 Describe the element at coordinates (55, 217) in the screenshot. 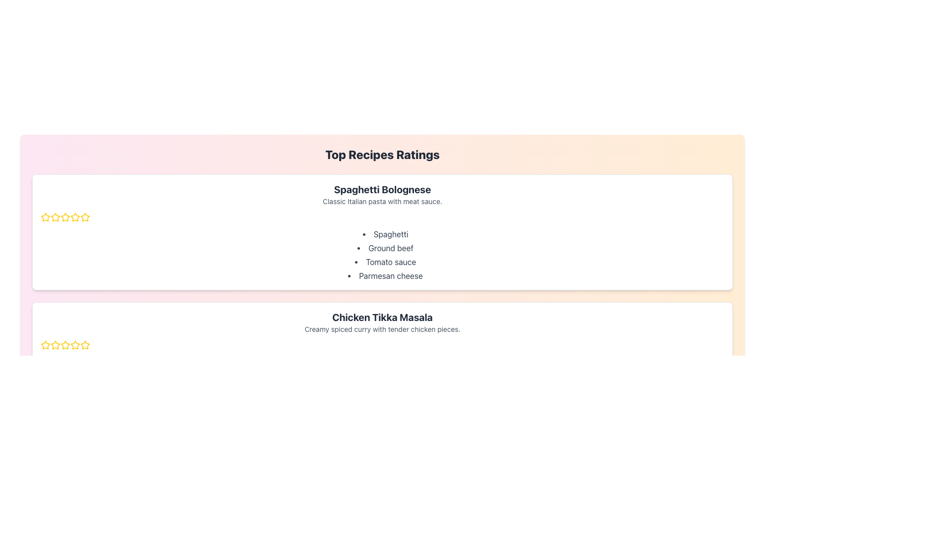

I see `the third star in the star rating icon to rate the 'Spaghetti Bolognese' dish` at that location.